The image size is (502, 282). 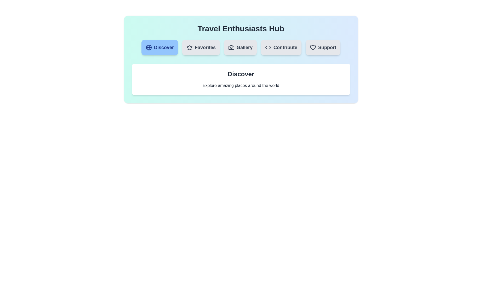 What do you see at coordinates (323, 47) in the screenshot?
I see `the support button located in the top-right section of the user interface` at bounding box center [323, 47].